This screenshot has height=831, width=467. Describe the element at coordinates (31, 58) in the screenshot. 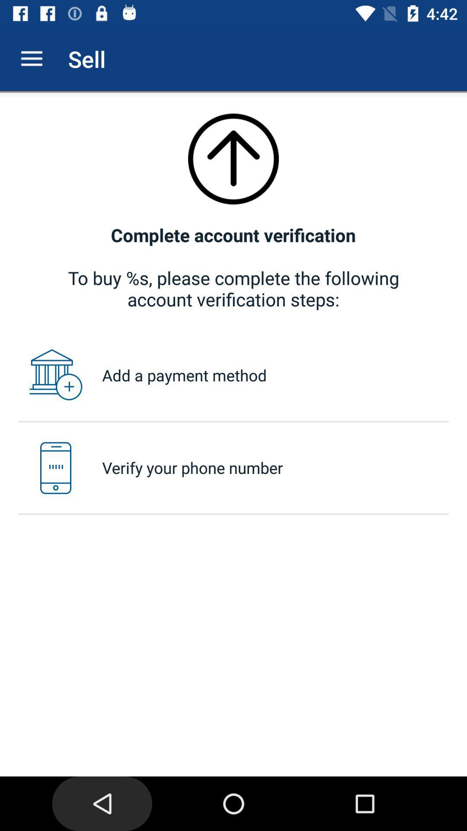

I see `the menu icon` at that location.